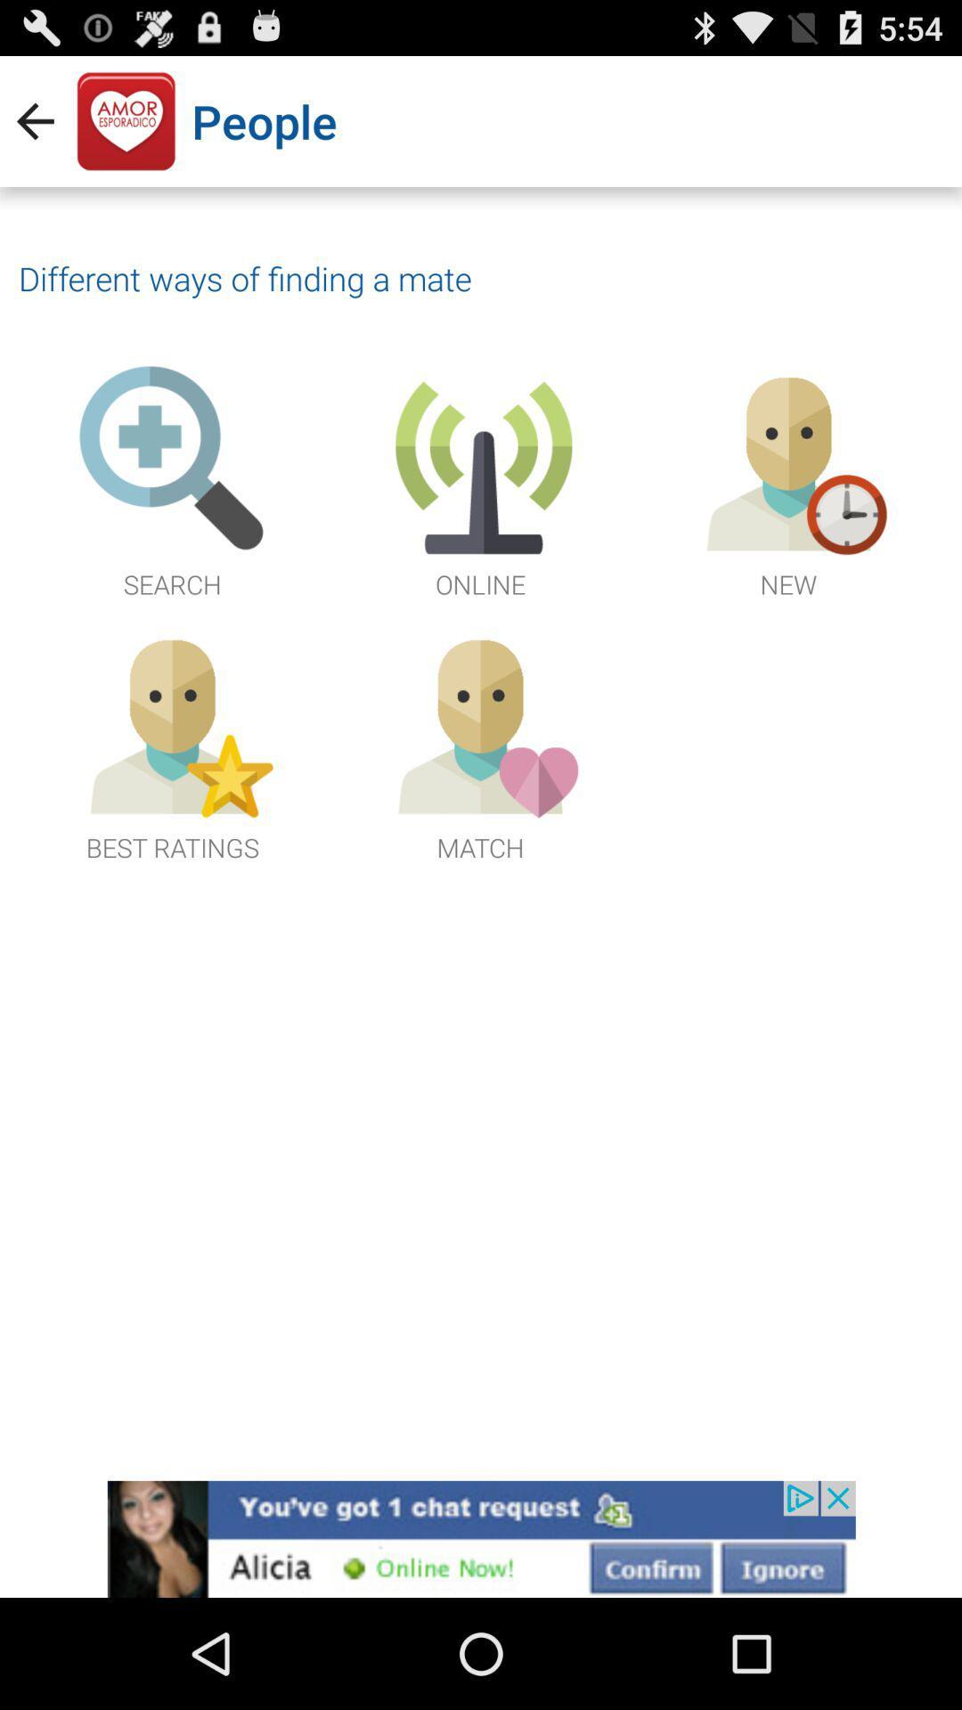 This screenshot has height=1710, width=962. What do you see at coordinates (481, 1538) in the screenshot?
I see `advertisement website` at bounding box center [481, 1538].